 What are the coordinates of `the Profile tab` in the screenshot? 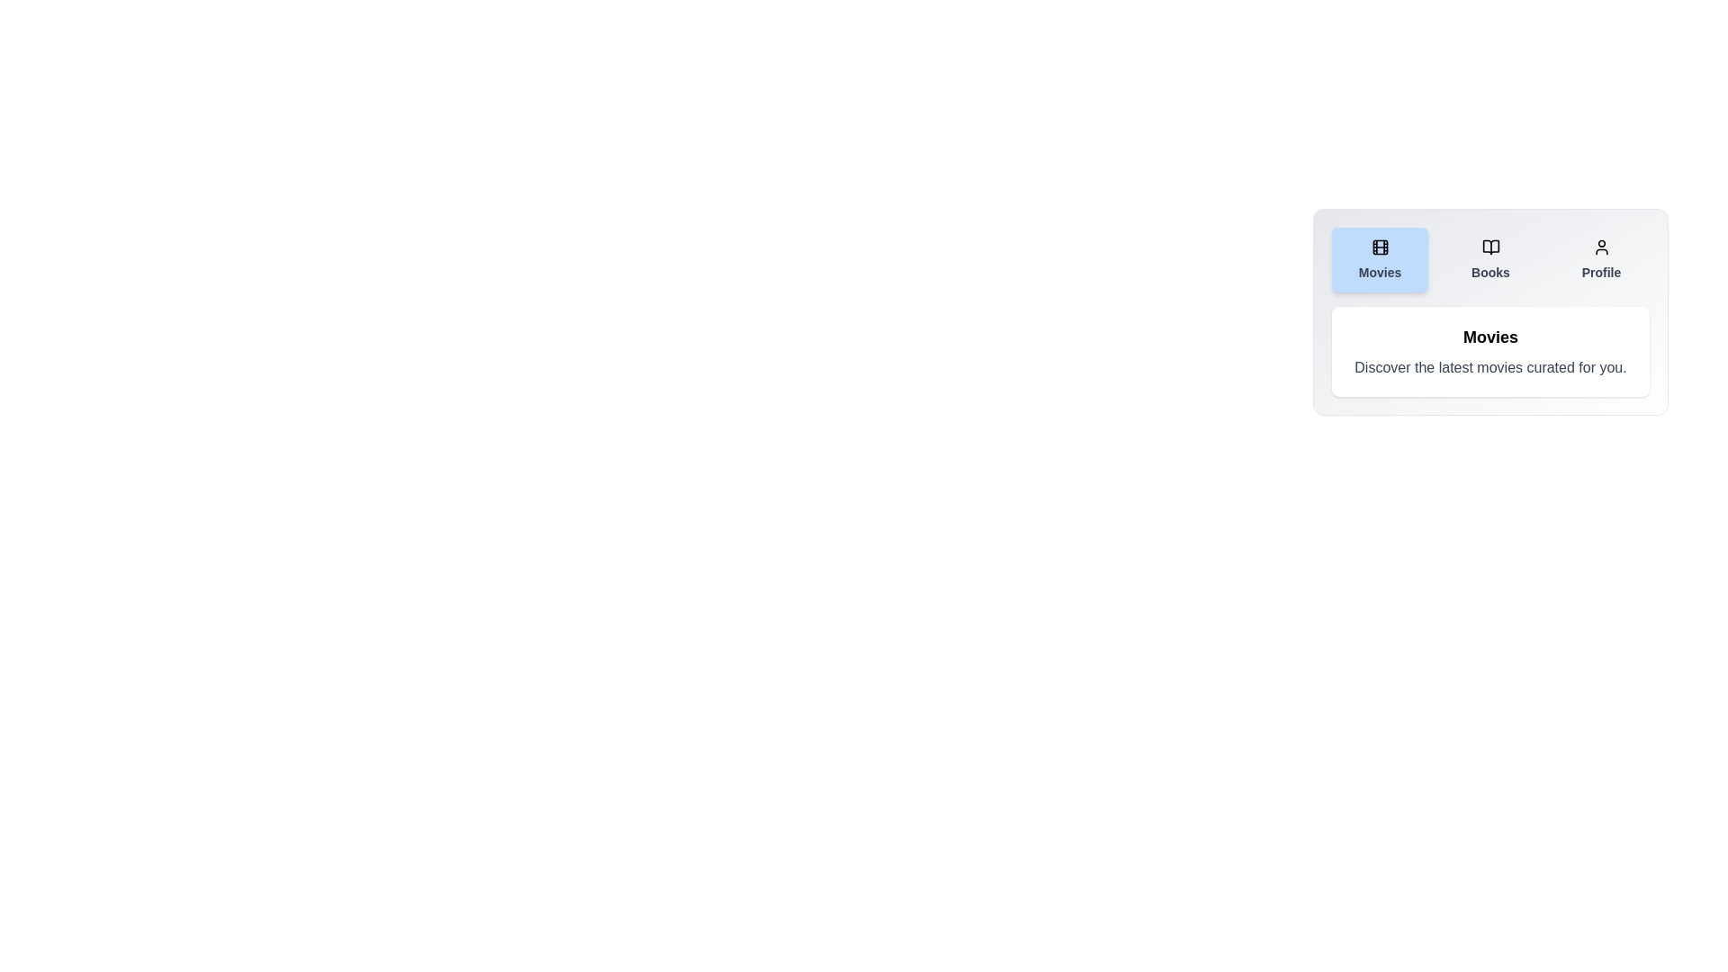 It's located at (1601, 260).